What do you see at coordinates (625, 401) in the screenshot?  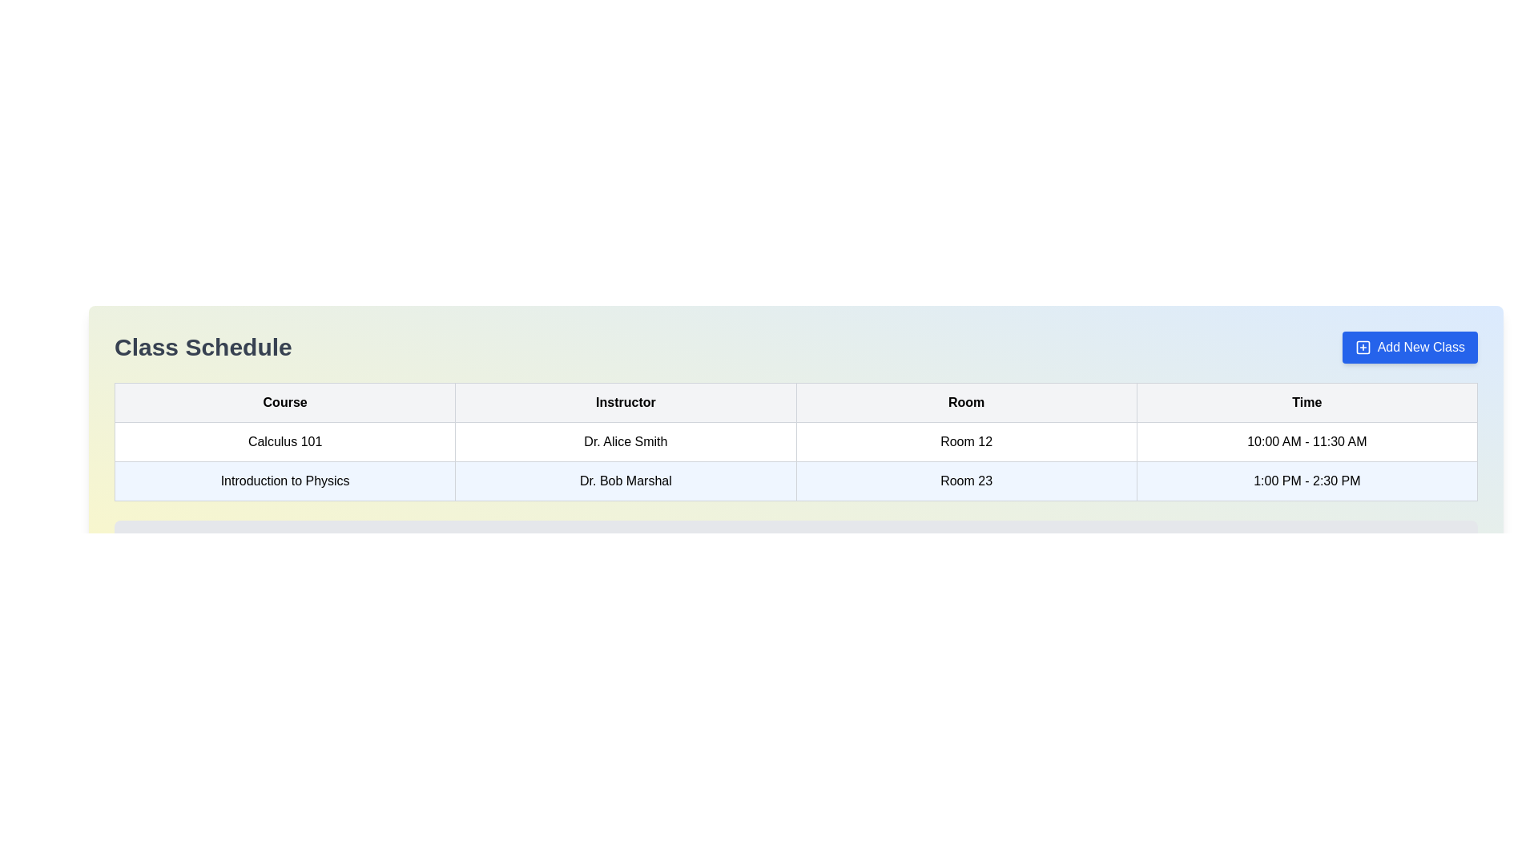 I see `the 'Instructor' header text element, which is the second column header in a four-column table layout, styled with a light gray background and bordered` at bounding box center [625, 401].